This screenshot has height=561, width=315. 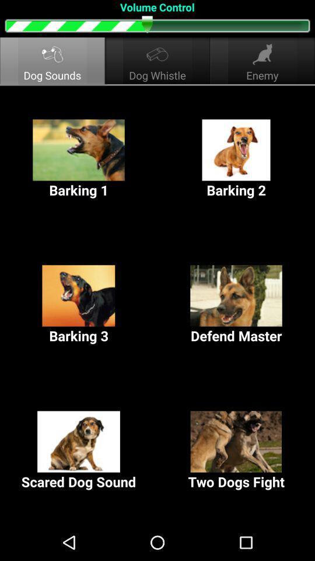 What do you see at coordinates (79, 450) in the screenshot?
I see `the button to the left of the two dogs fight icon` at bounding box center [79, 450].